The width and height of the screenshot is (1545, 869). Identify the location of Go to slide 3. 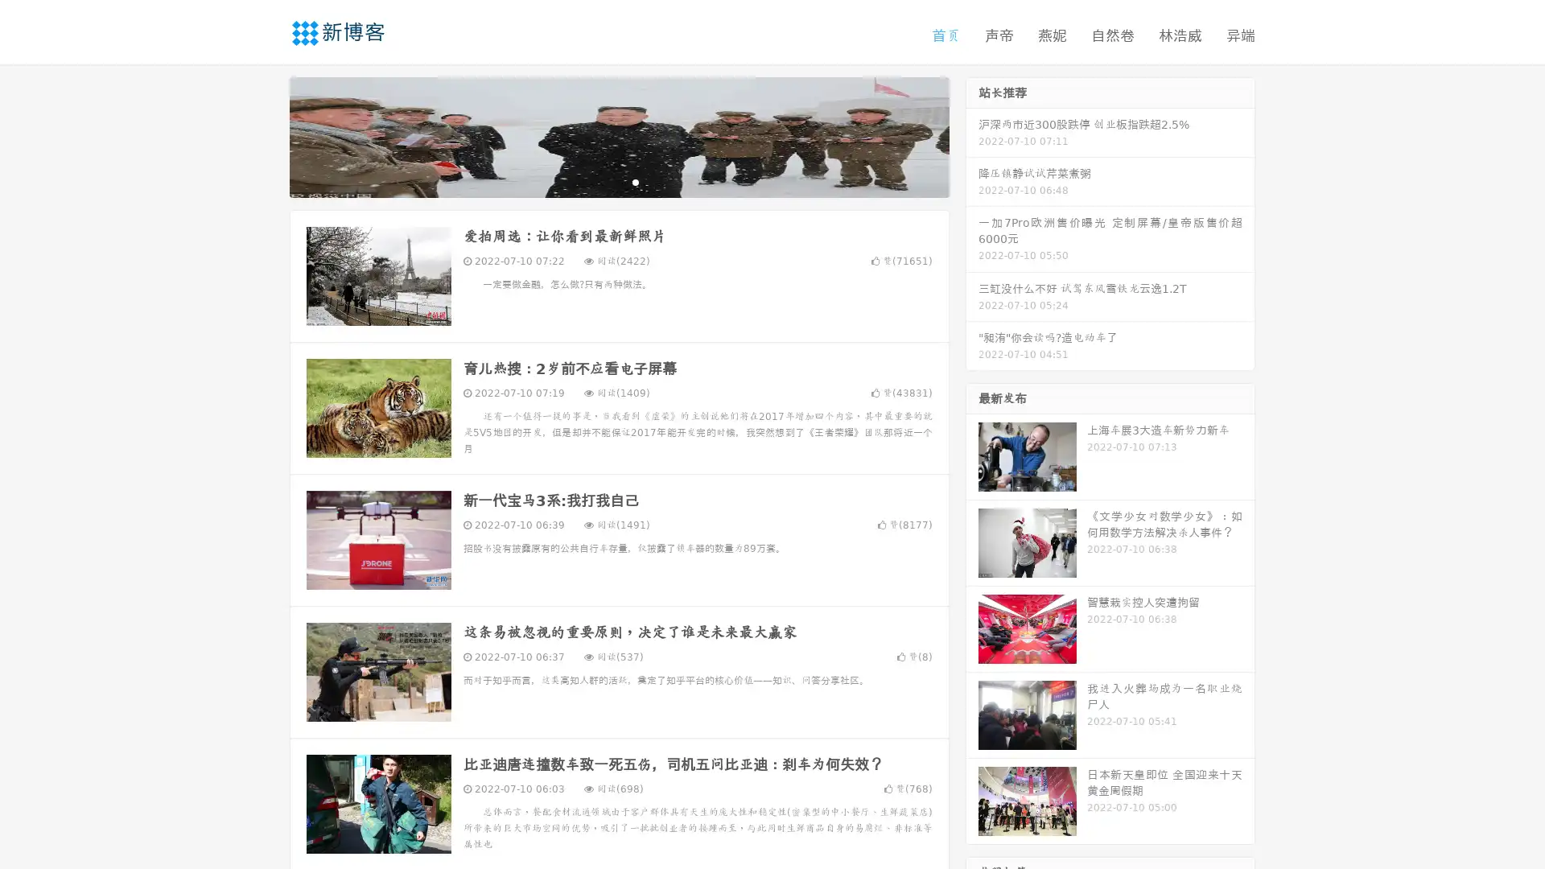
(635, 181).